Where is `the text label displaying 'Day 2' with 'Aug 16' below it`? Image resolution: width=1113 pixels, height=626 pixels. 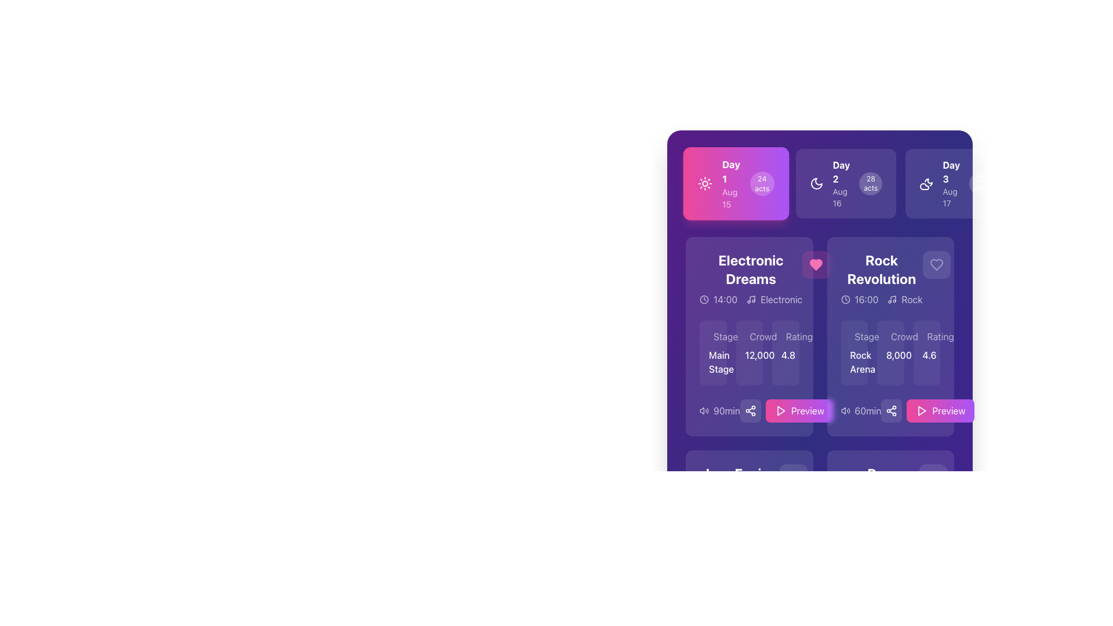 the text label displaying 'Day 2' with 'Aug 16' below it is located at coordinates (841, 183).